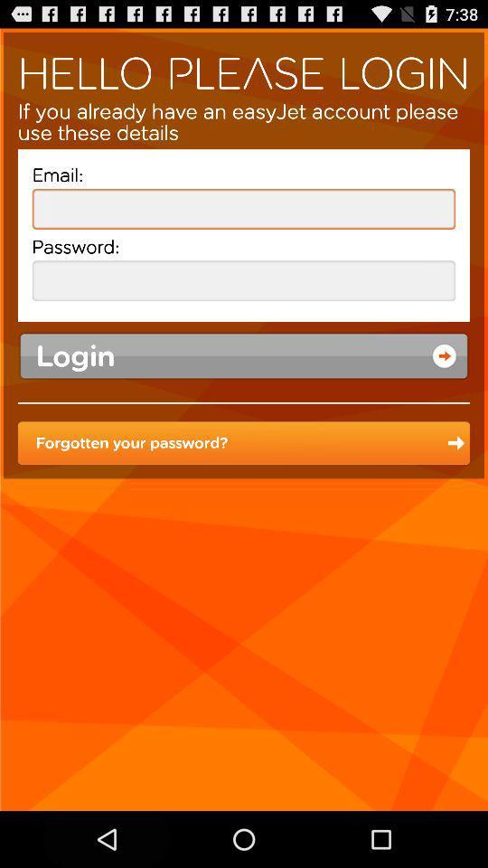  I want to click on password button, so click(244, 280).